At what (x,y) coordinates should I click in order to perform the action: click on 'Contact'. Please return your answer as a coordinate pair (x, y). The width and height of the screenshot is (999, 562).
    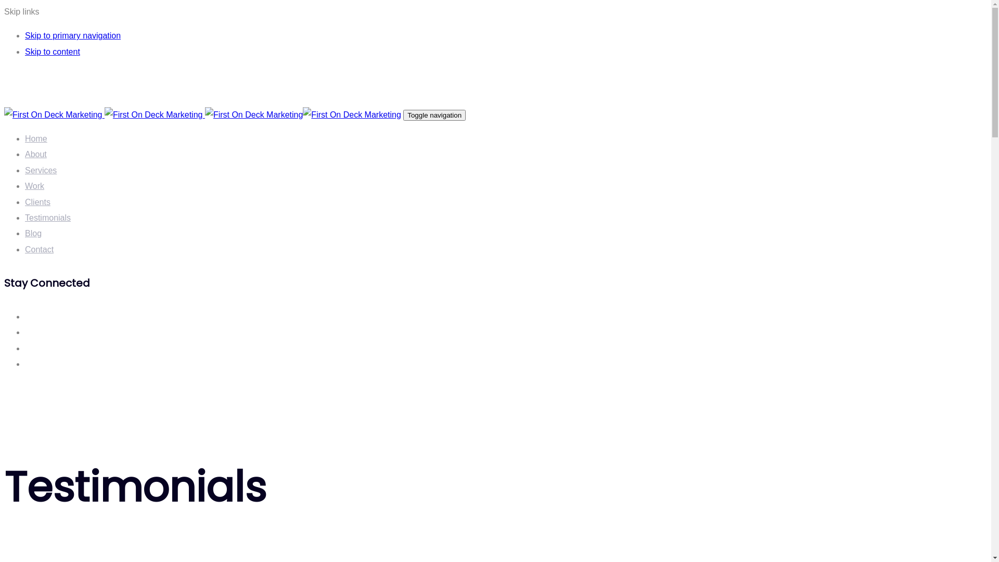
    Looking at the image, I should click on (25, 249).